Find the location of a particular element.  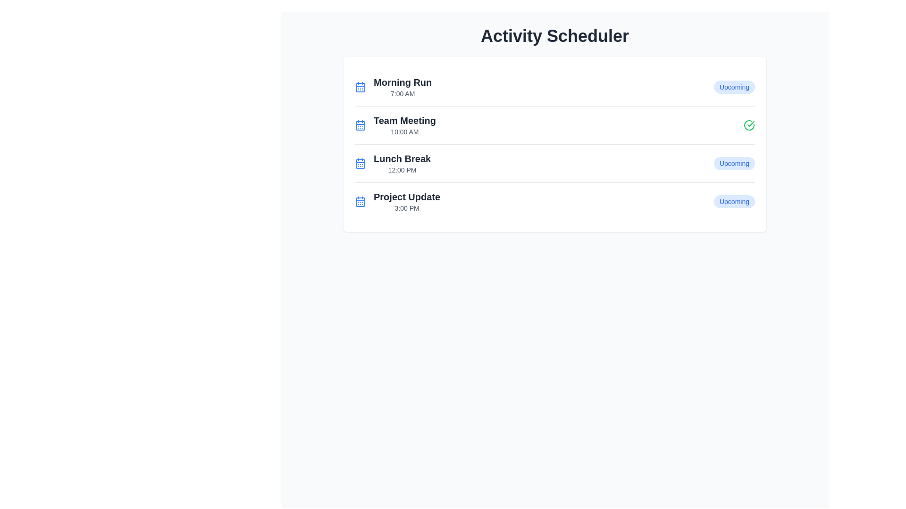

the 'Lunch Break' scheduled activity list item in the 'Activity Scheduler' is located at coordinates (555, 163).